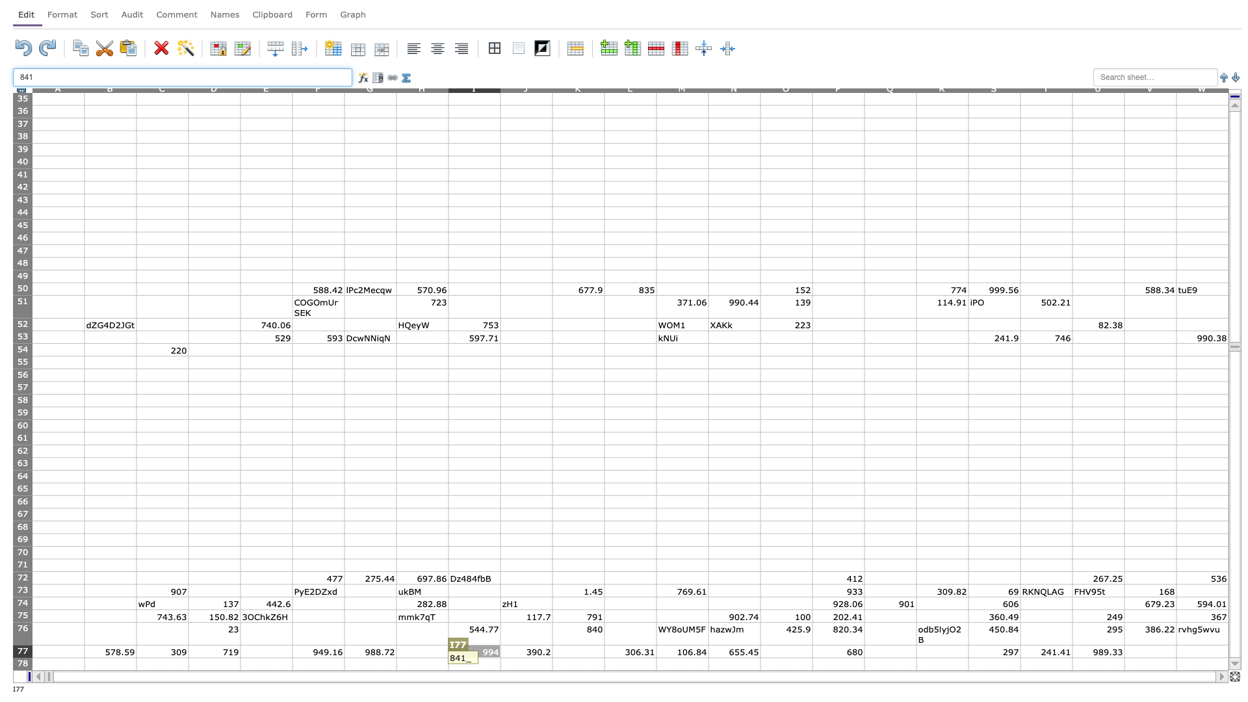 The width and height of the screenshot is (1248, 702). What do you see at coordinates (552, 657) in the screenshot?
I see `Upper left corner of cell K78` at bounding box center [552, 657].